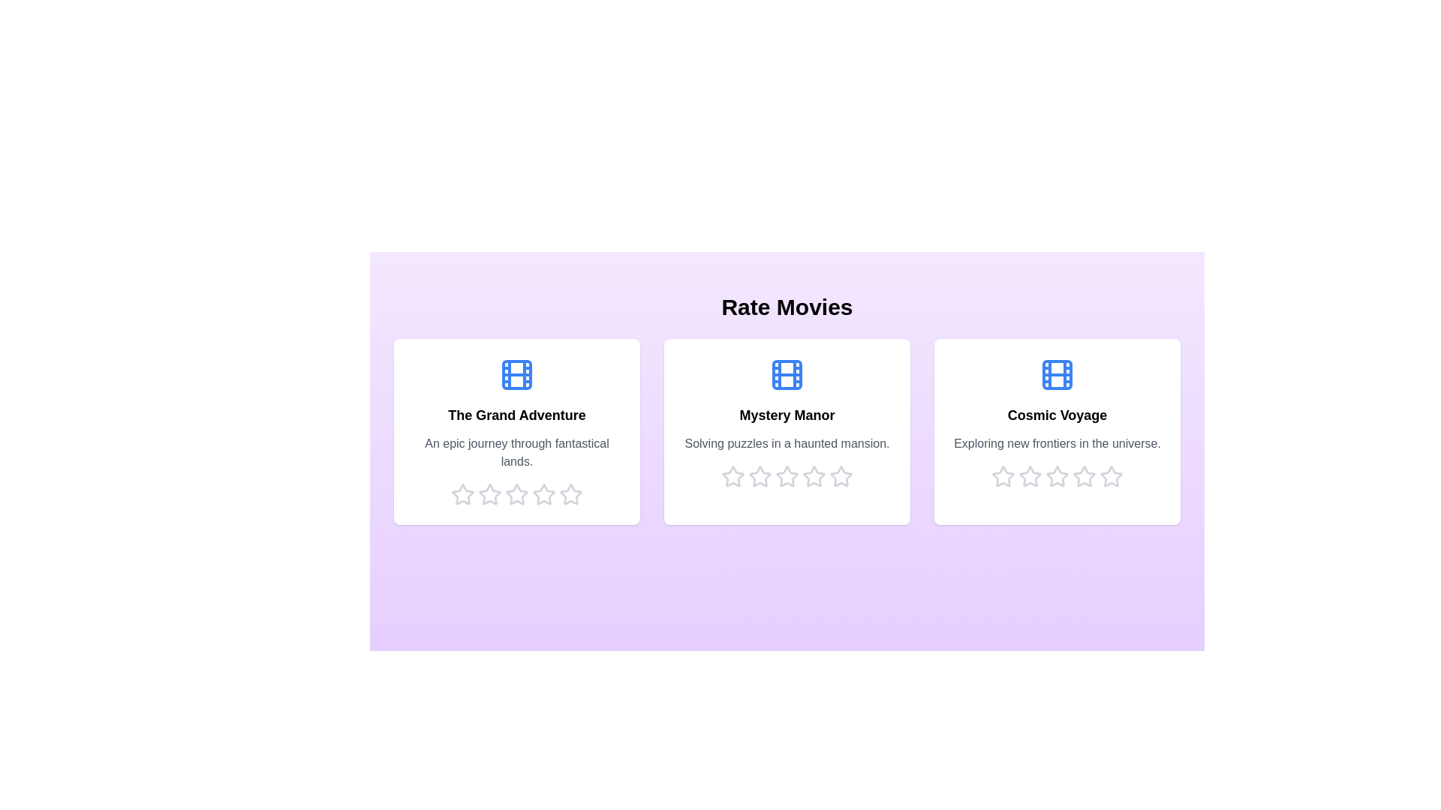 Image resolution: width=1441 pixels, height=810 pixels. Describe the element at coordinates (1057, 431) in the screenshot. I see `the movie card titled 'Cosmic Voyage' to view its hover effect` at that location.